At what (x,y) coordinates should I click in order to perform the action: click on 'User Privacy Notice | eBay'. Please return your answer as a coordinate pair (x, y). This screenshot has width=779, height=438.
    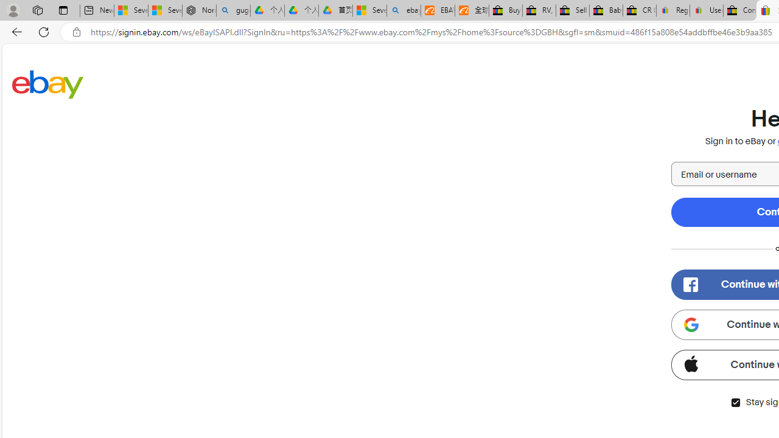
    Looking at the image, I should click on (706, 10).